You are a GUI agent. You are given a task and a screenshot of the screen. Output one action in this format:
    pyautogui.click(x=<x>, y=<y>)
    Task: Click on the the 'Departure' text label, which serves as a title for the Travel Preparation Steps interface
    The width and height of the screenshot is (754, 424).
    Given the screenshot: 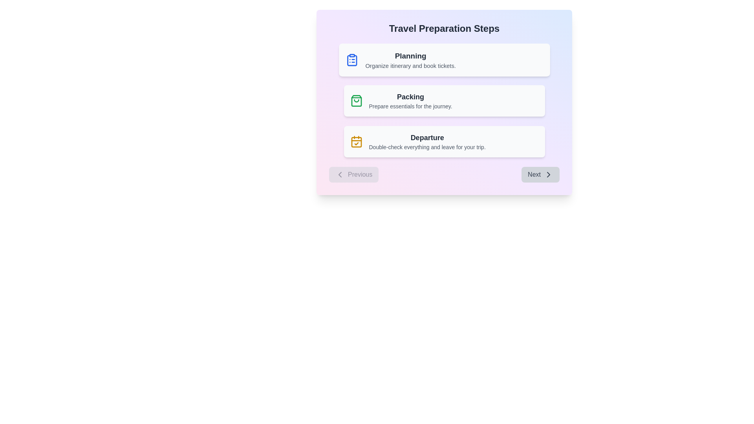 What is the action you would take?
    pyautogui.click(x=427, y=137)
    